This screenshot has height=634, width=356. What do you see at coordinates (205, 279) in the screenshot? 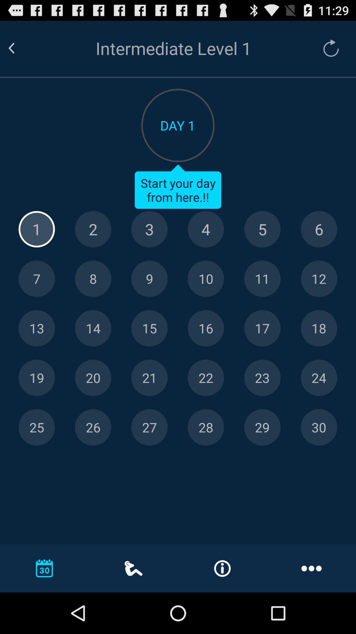
I see `number 10 button` at bounding box center [205, 279].